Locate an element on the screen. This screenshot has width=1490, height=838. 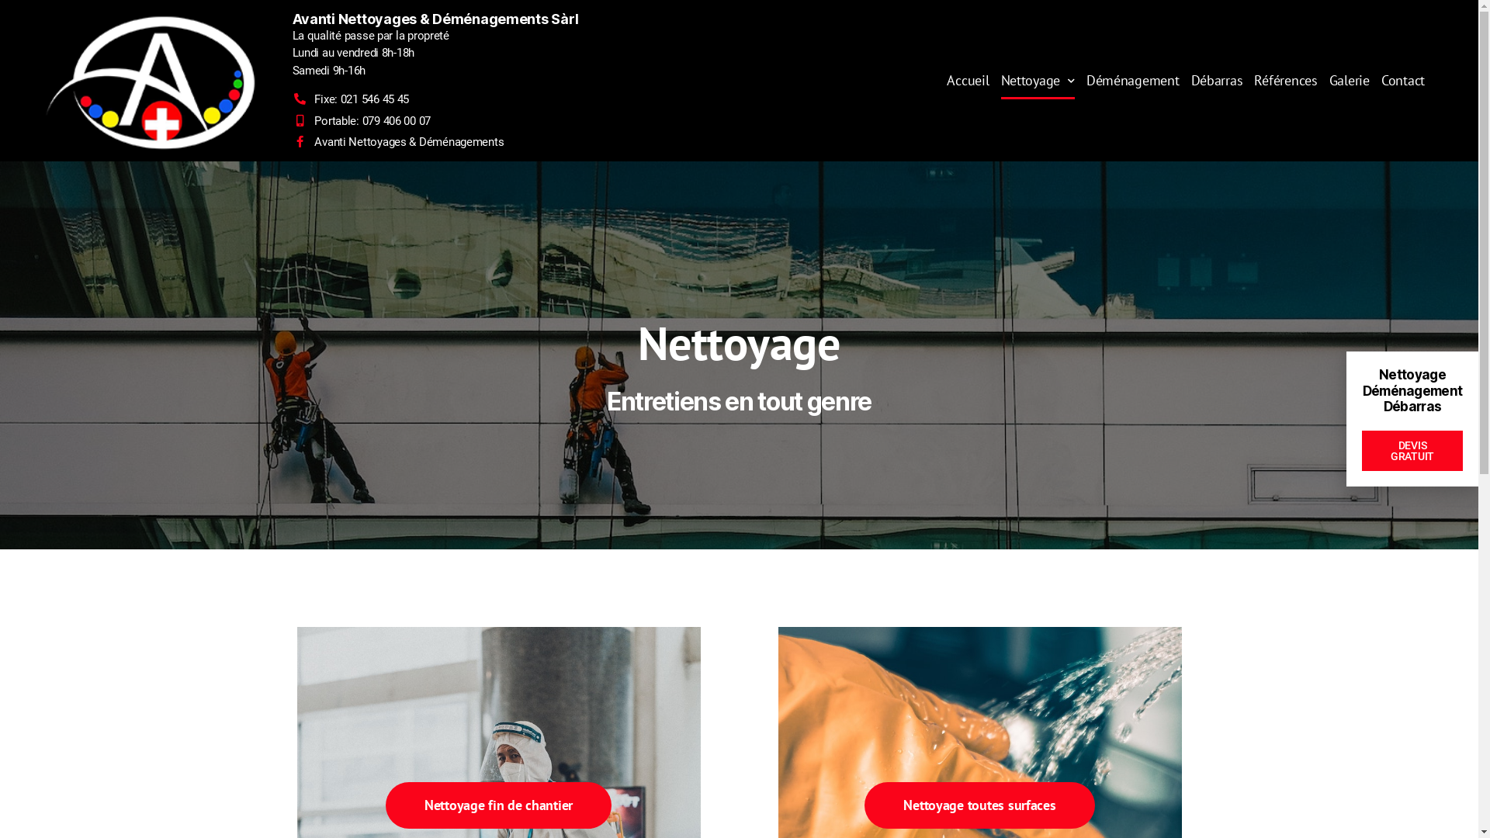
'Accueil' is located at coordinates (967, 81).